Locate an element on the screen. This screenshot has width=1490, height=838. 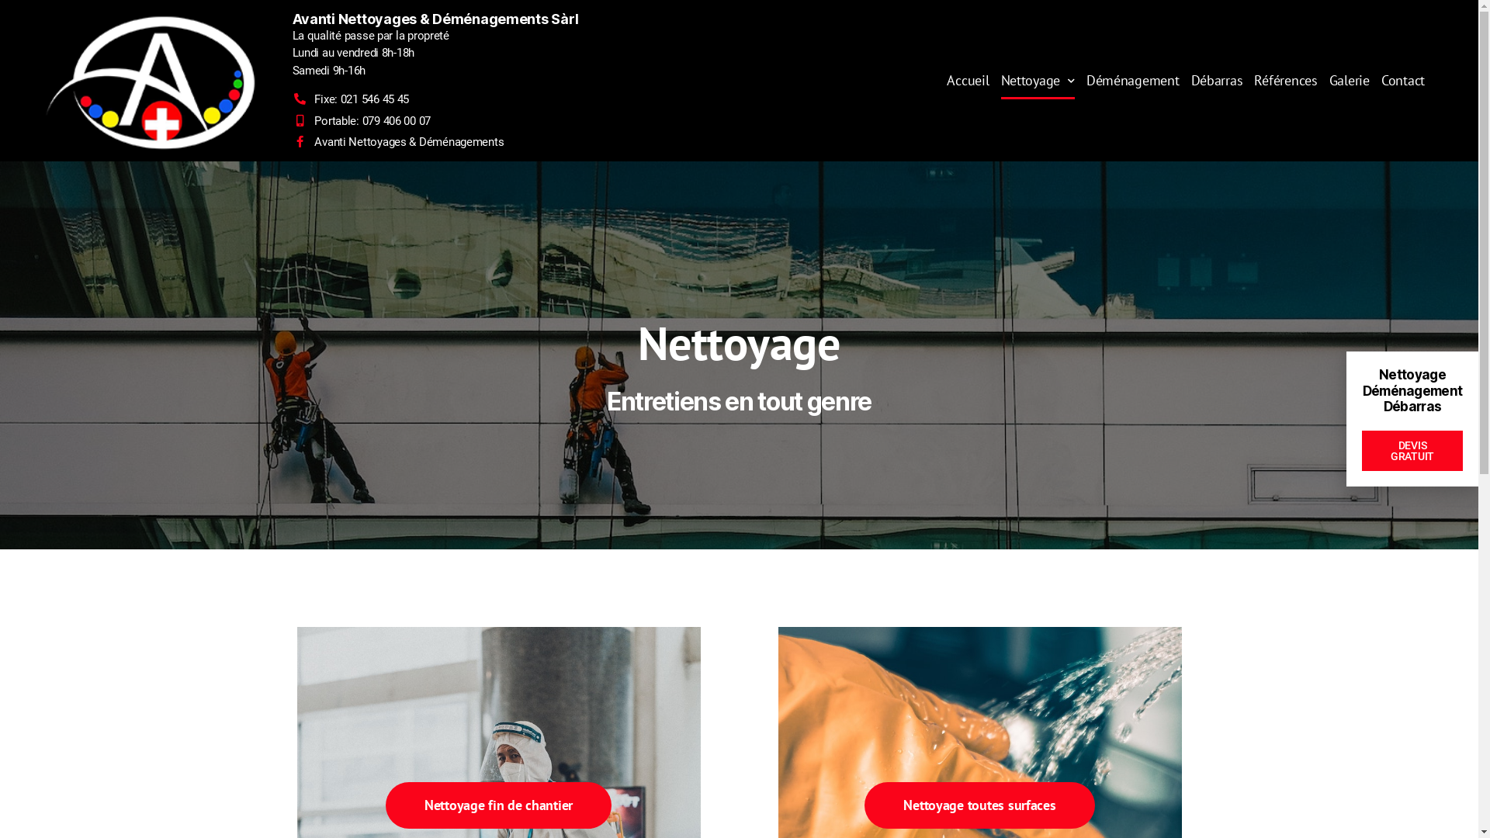
'Accueil' is located at coordinates (967, 81).